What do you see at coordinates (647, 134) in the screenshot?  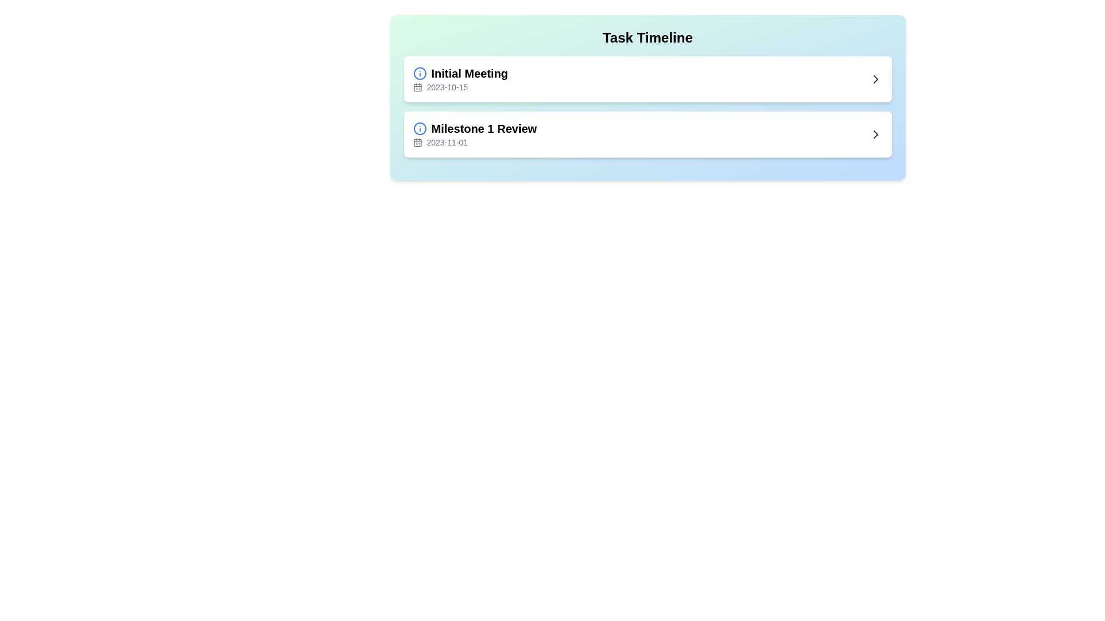 I see `the clickable list item labeled 'Milestone 1 Review' in the task timeline` at bounding box center [647, 134].